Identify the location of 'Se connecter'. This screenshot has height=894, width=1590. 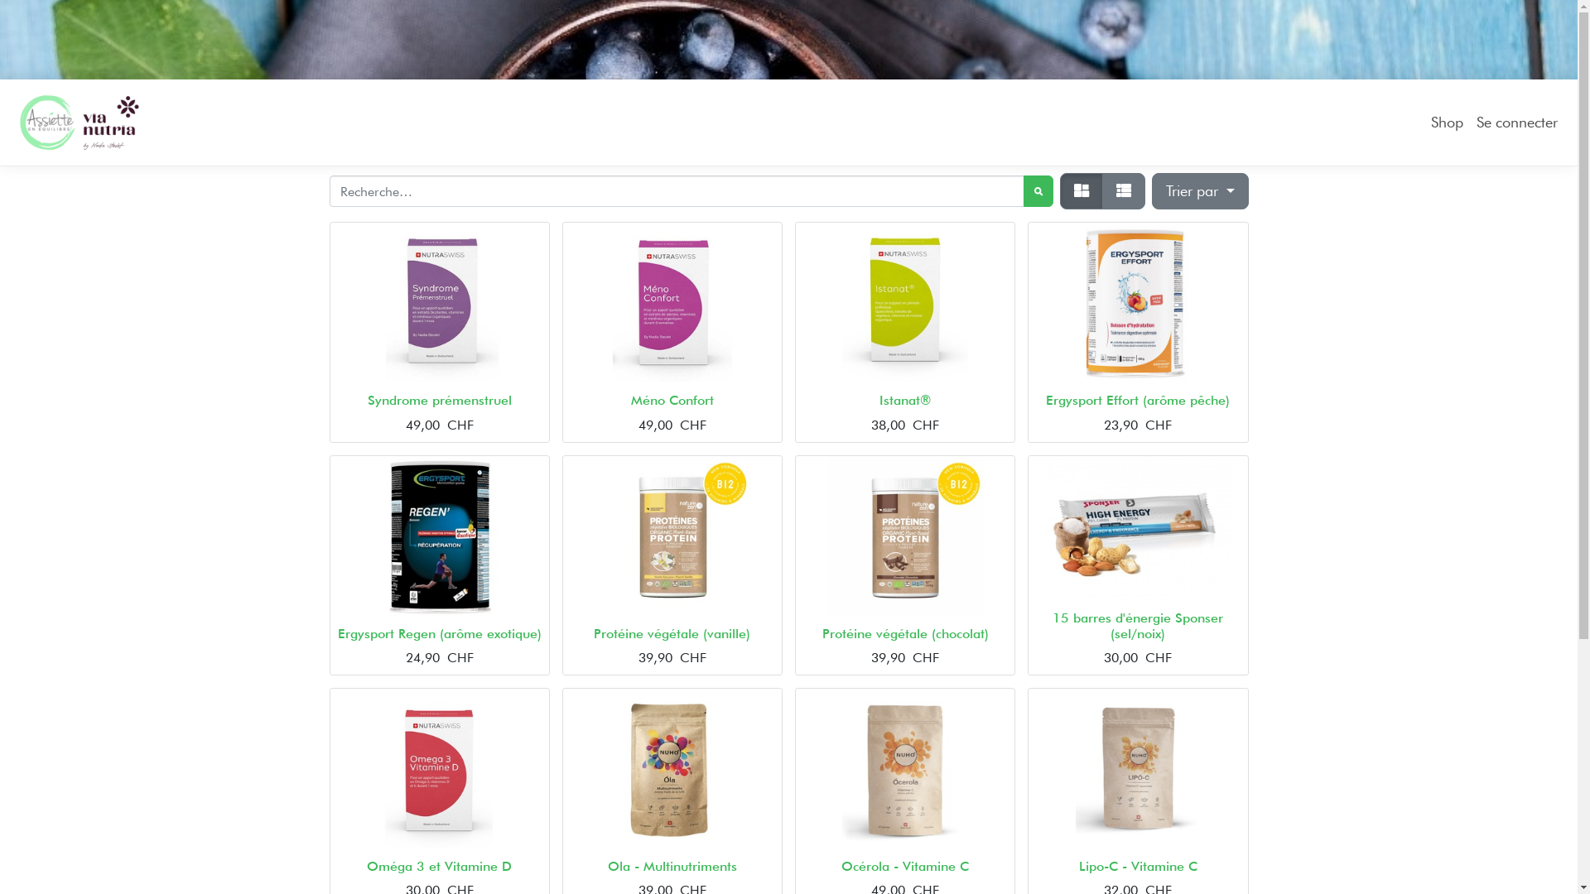
(1517, 121).